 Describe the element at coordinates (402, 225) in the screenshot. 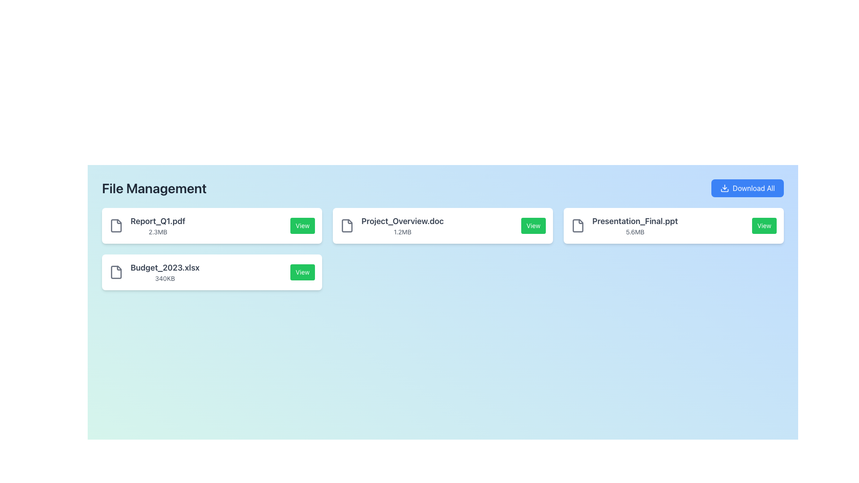

I see `the Label element displaying 'Project_Overview.doc' with size '1.2MB' in the third card of the file management grid` at that location.